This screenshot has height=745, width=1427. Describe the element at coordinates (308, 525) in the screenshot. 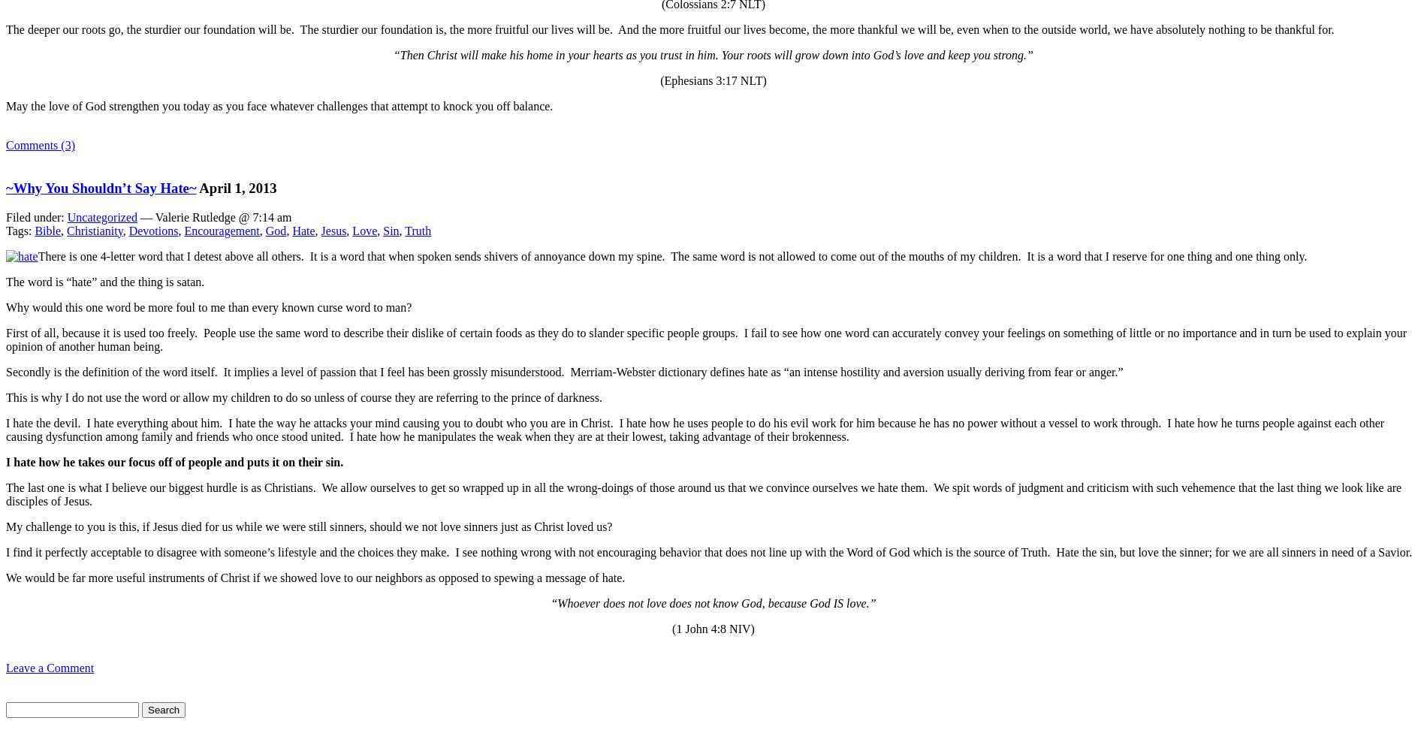

I see `'My challenge to you is this, if Jesus died for us while we were still sinners, should we not love sinners just as Christ loved us?'` at that location.